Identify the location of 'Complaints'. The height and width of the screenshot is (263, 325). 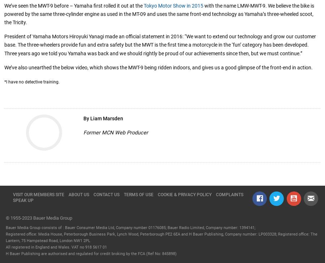
(230, 194).